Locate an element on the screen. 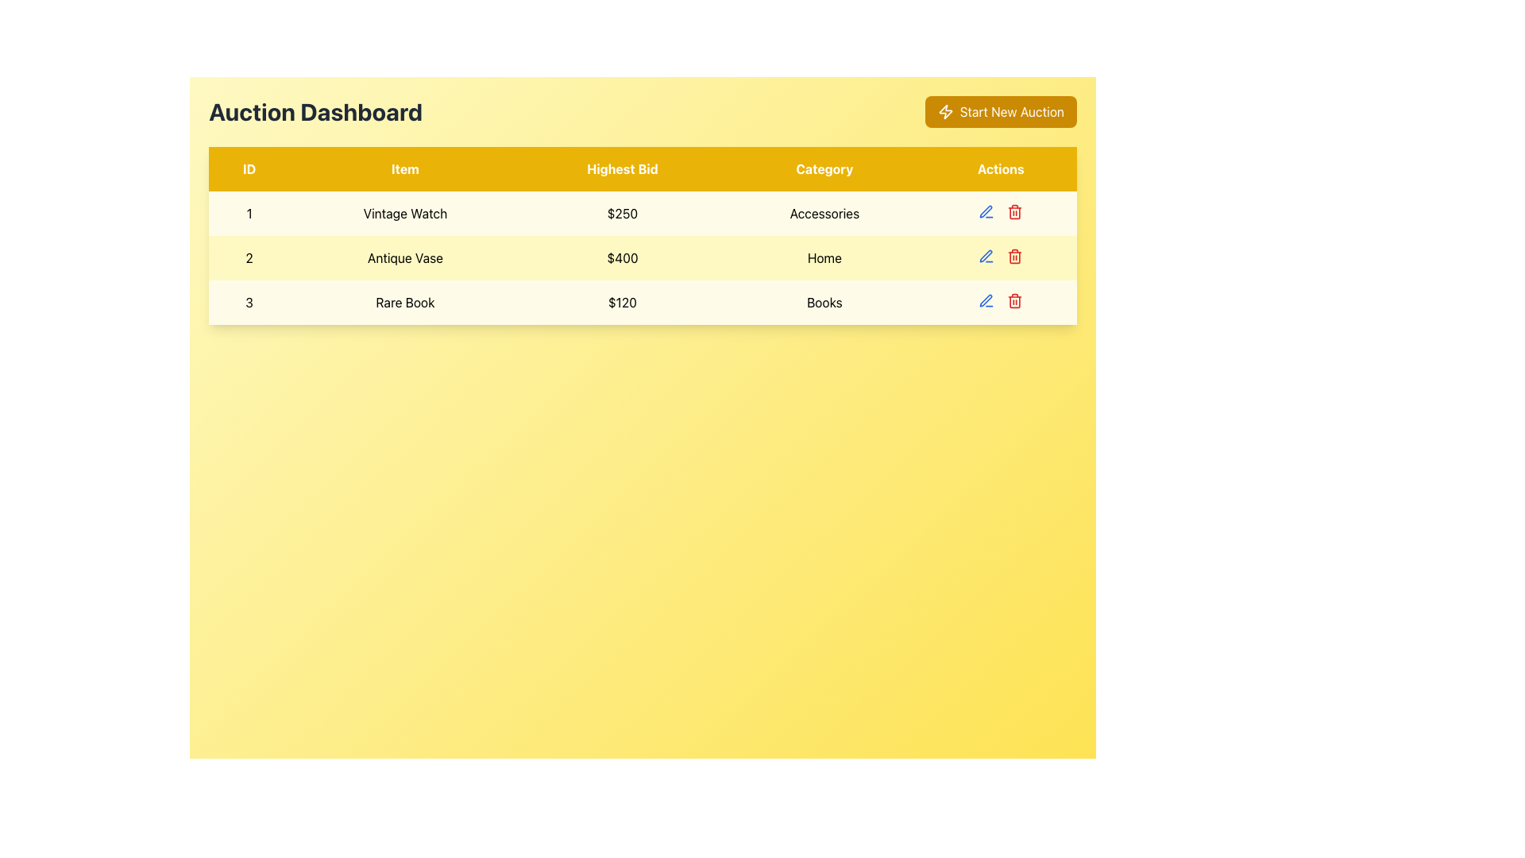 The image size is (1525, 858). the lightning SVG icon within the 'Start New Auction' button located in the top-right section of the yellow background area of the Auction Dashboard interface is located at coordinates (945, 111).